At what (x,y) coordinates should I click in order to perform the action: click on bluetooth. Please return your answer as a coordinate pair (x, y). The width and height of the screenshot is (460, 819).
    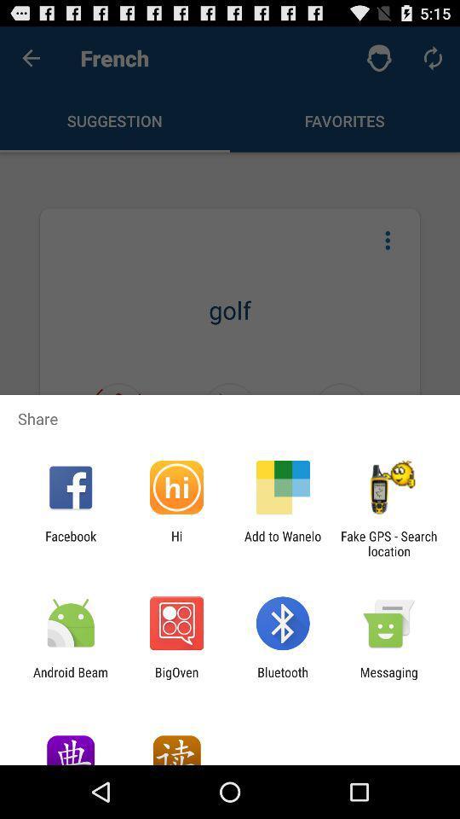
    Looking at the image, I should click on (283, 679).